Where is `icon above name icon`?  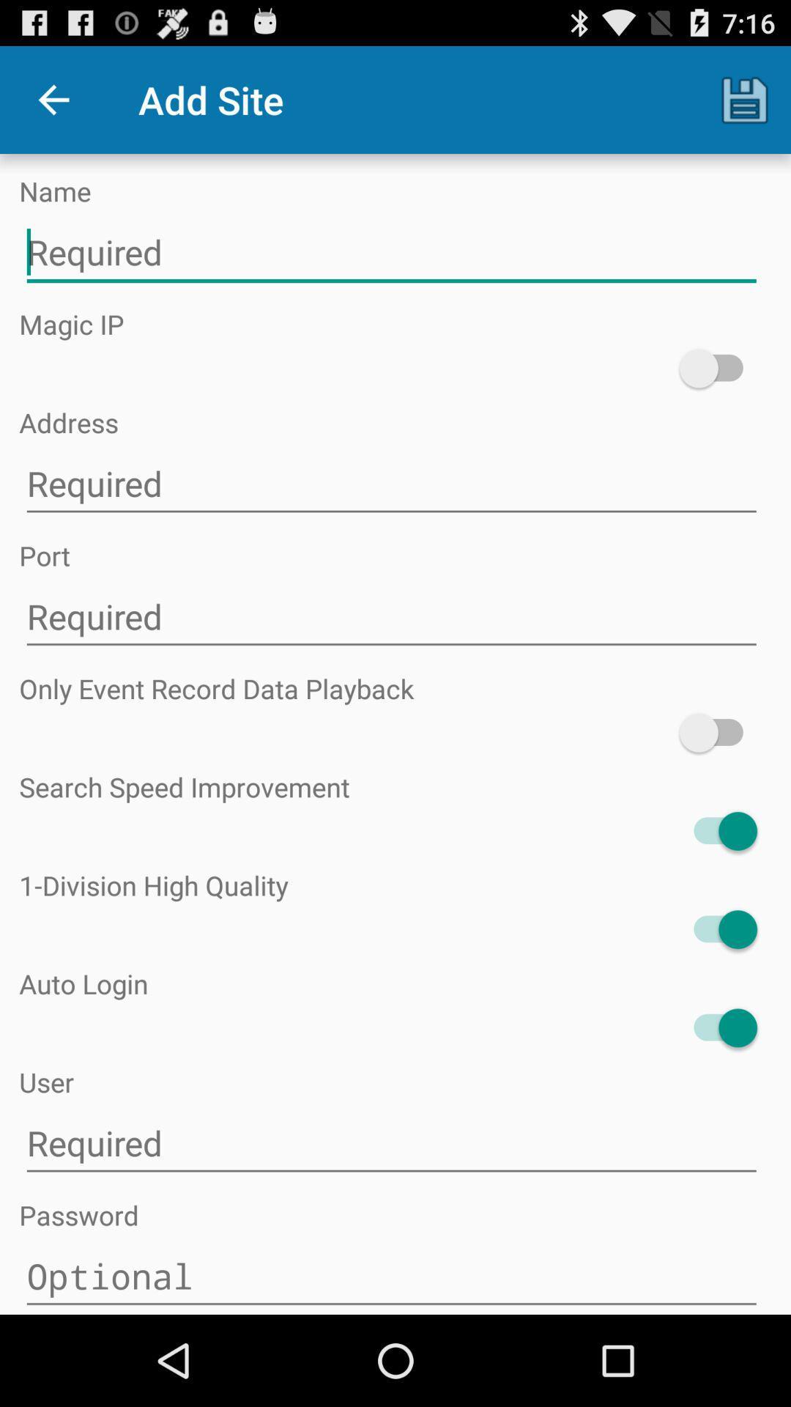
icon above name icon is located at coordinates (745, 99).